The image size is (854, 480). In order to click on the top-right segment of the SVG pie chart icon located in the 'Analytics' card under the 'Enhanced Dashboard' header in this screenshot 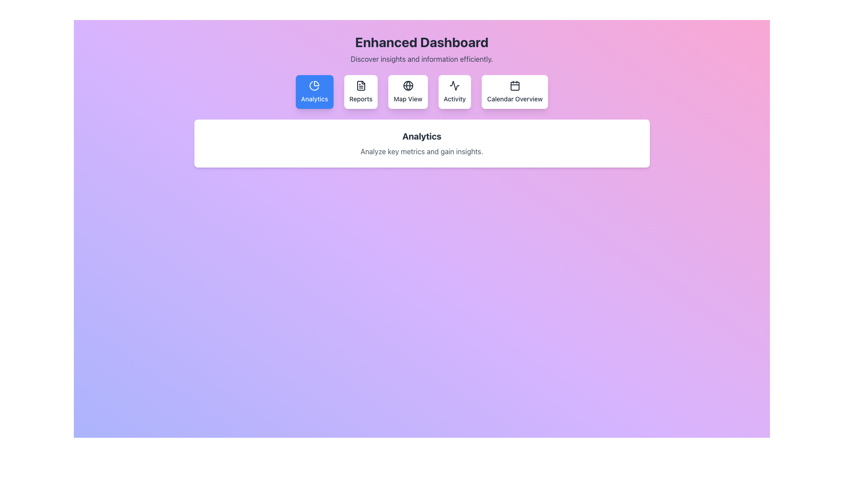, I will do `click(317, 84)`.